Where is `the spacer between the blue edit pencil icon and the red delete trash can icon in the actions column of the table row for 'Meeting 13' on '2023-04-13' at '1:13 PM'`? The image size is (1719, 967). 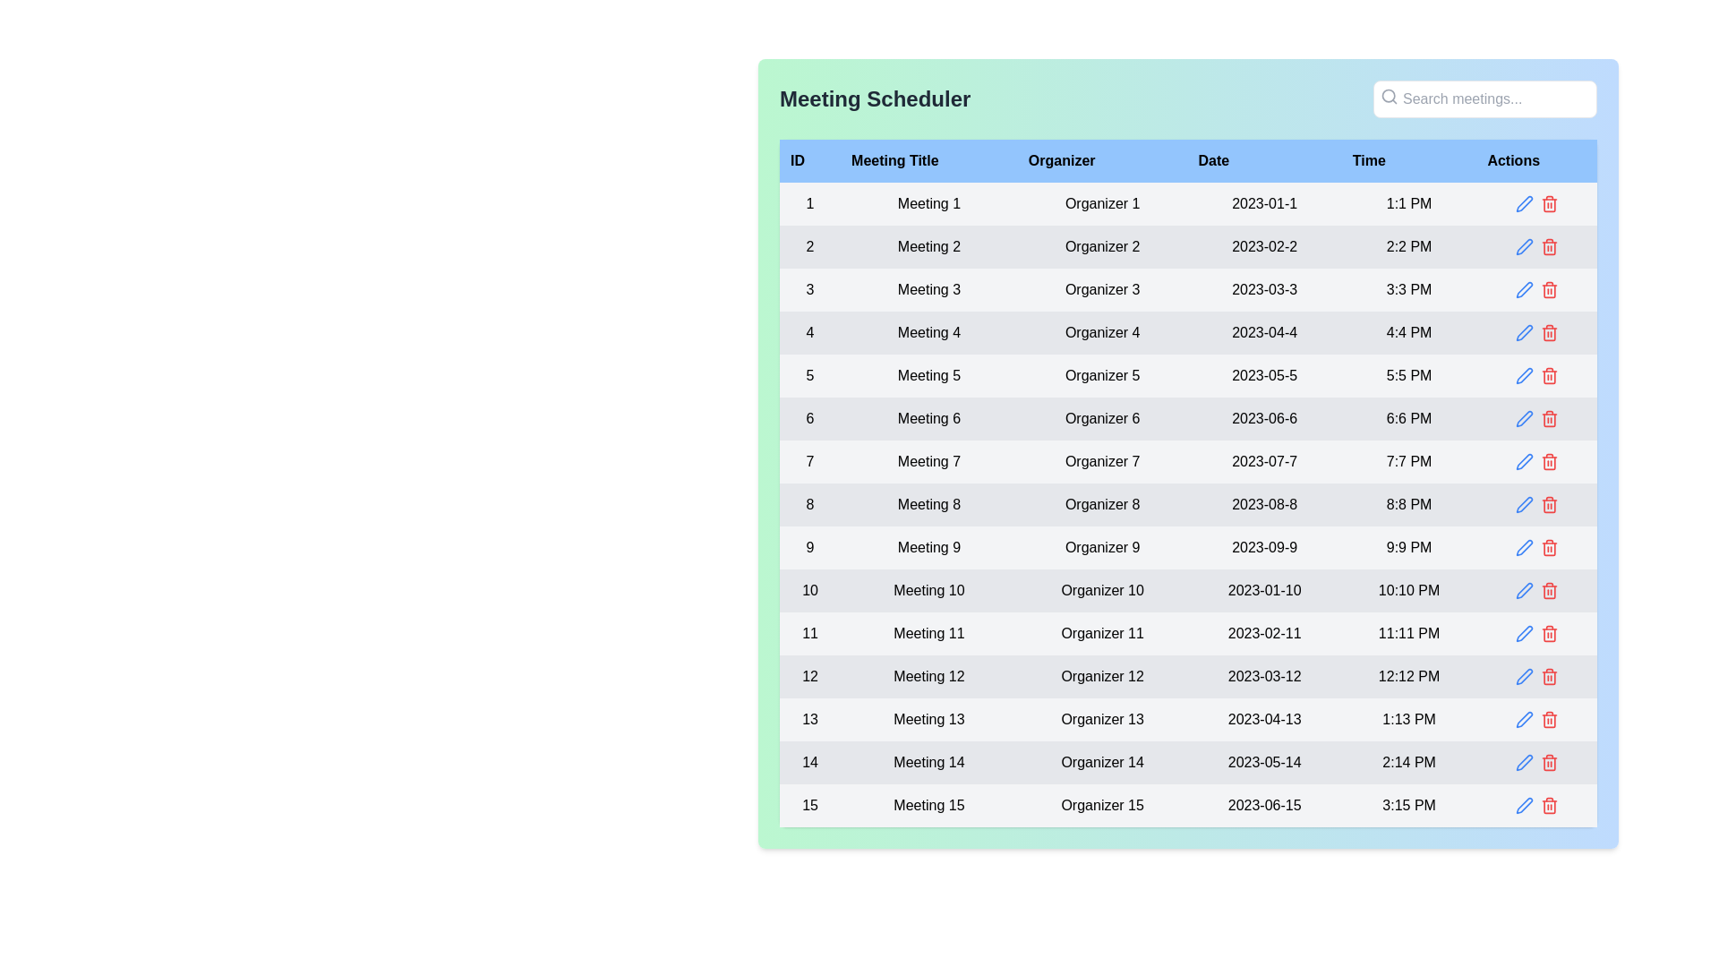
the spacer between the blue edit pencil icon and the red delete trash can icon in the actions column of the table row for 'Meeting 13' on '2023-04-13' at '1:13 PM' is located at coordinates (1535, 718).